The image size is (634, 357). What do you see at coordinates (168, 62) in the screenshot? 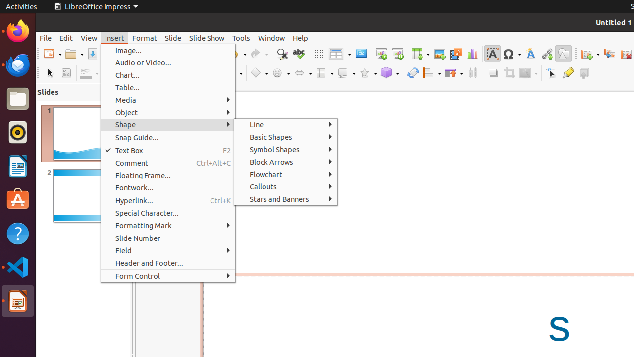
I see `'Audio or Video...'` at bounding box center [168, 62].